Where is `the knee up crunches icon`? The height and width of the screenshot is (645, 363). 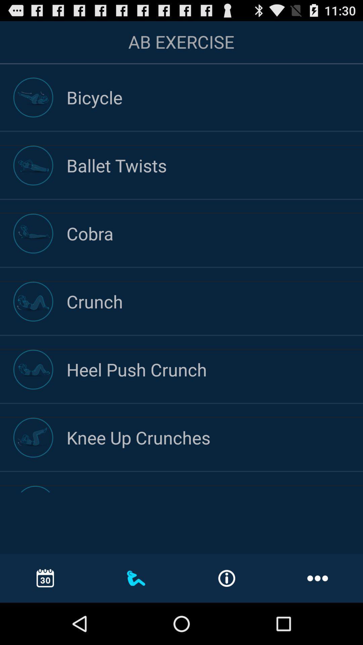
the knee up crunches icon is located at coordinates (215, 437).